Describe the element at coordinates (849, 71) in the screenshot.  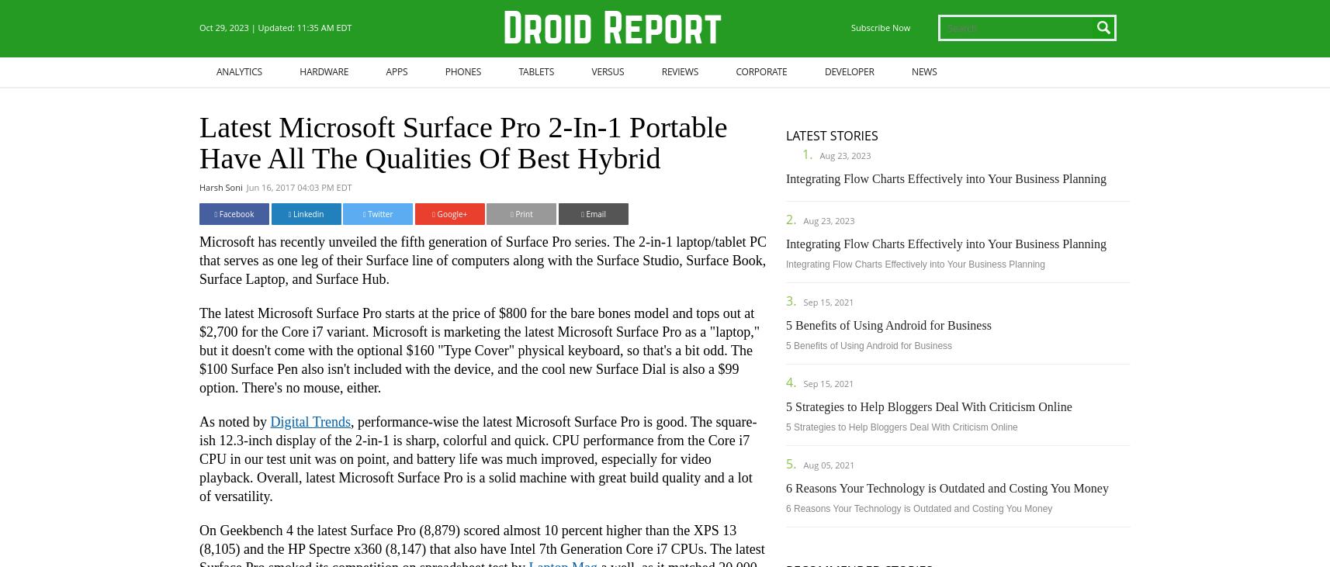
I see `'Developer'` at that location.